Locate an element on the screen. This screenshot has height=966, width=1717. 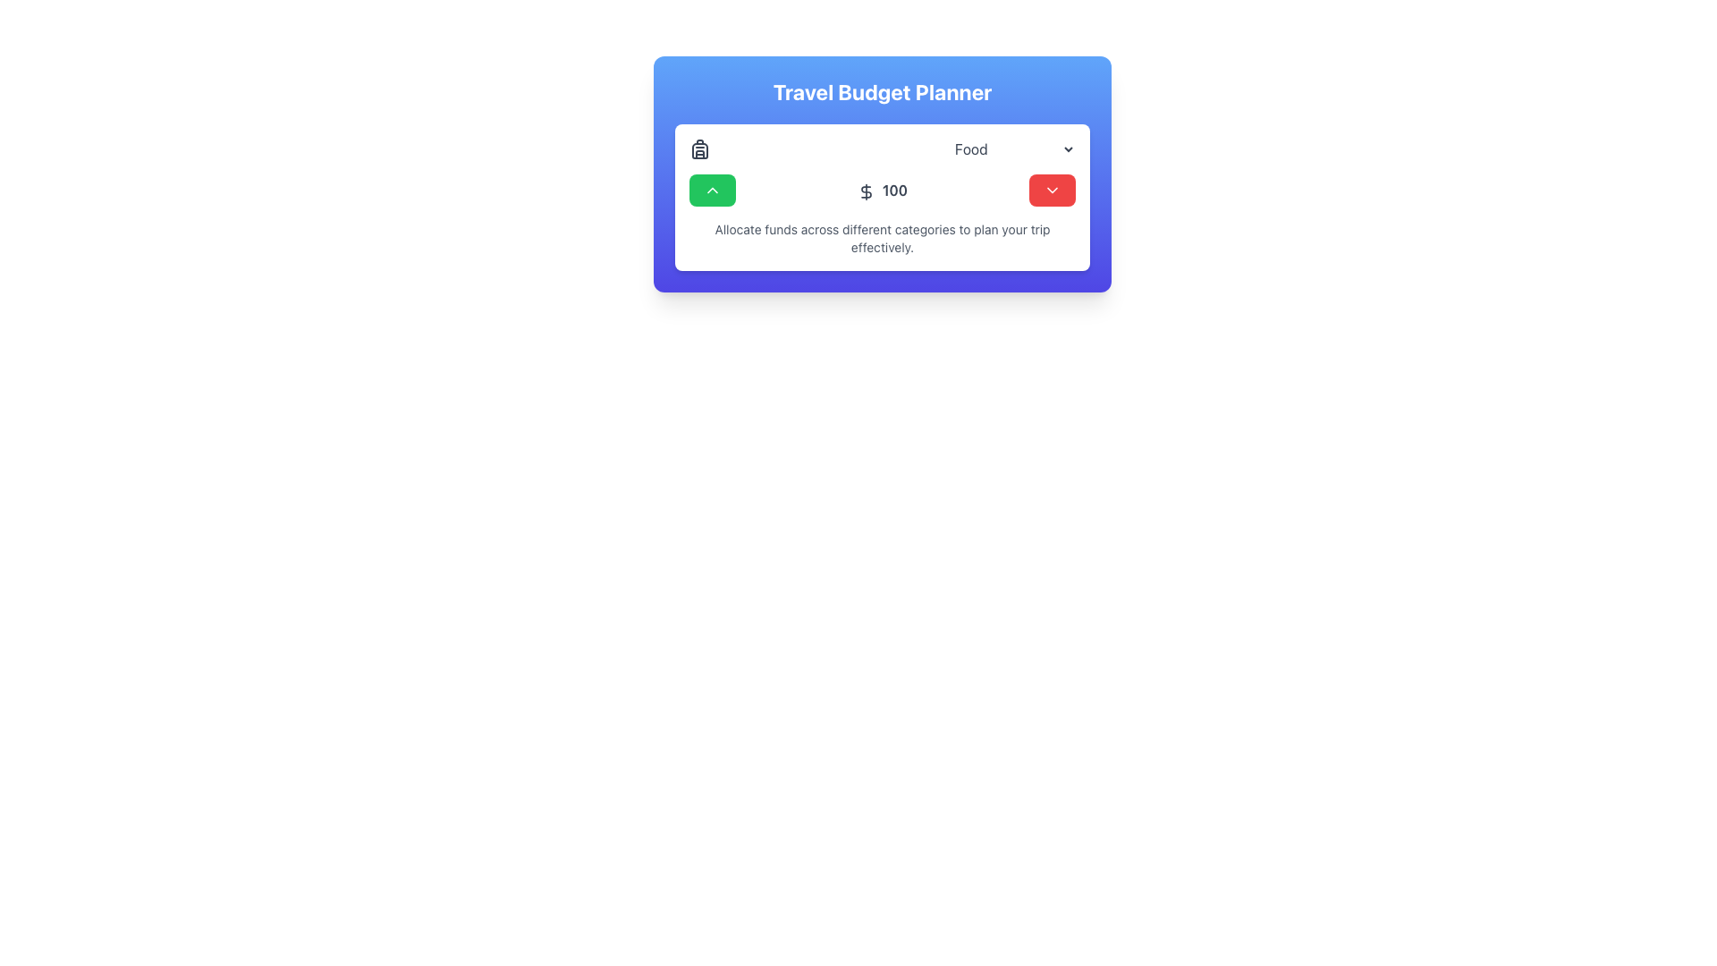
the upward-pointing arrow icon located inside the green button below the 'Travel Budget Planner' header is located at coordinates (711, 190).